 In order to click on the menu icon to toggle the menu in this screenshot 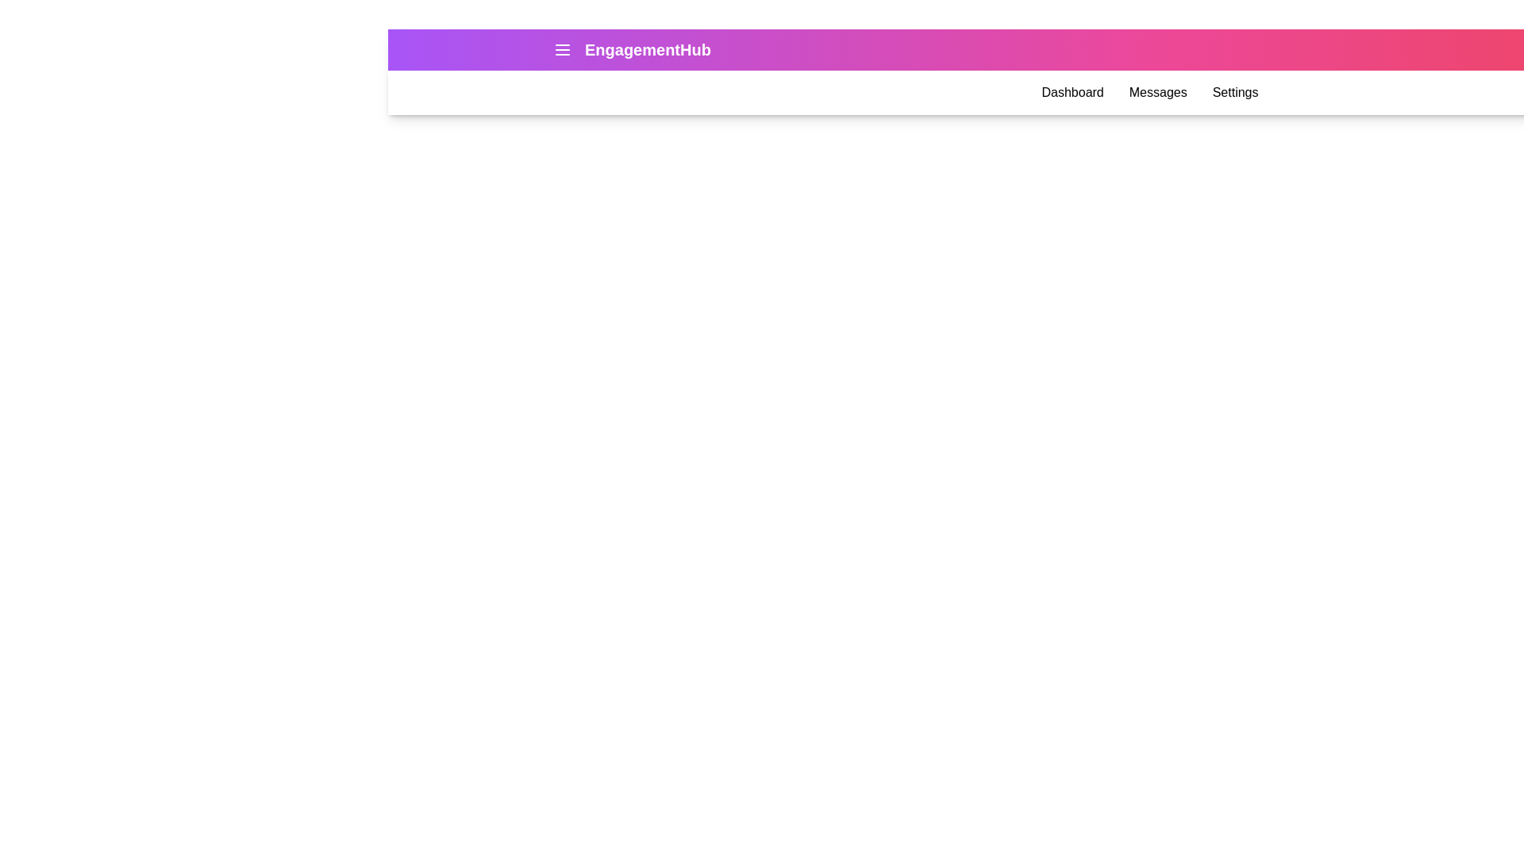, I will do `click(563, 48)`.